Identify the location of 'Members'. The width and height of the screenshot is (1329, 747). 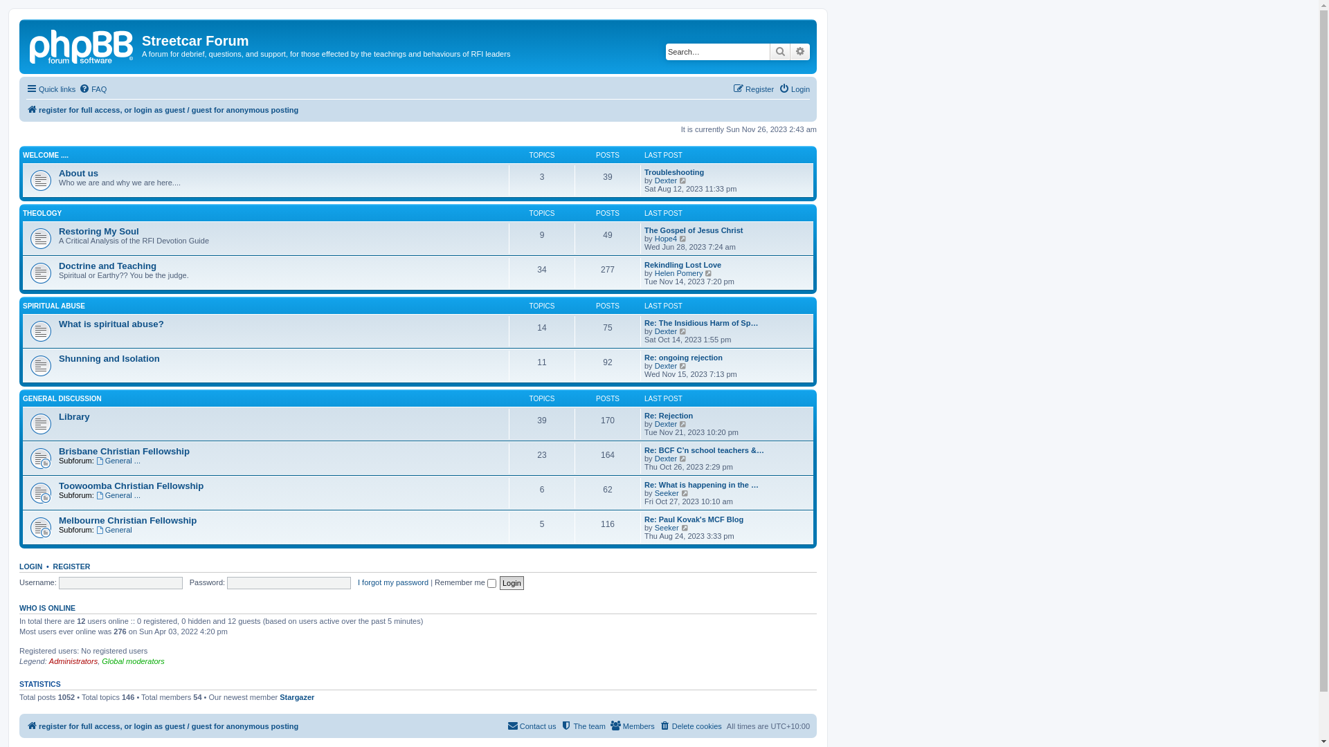
(631, 725).